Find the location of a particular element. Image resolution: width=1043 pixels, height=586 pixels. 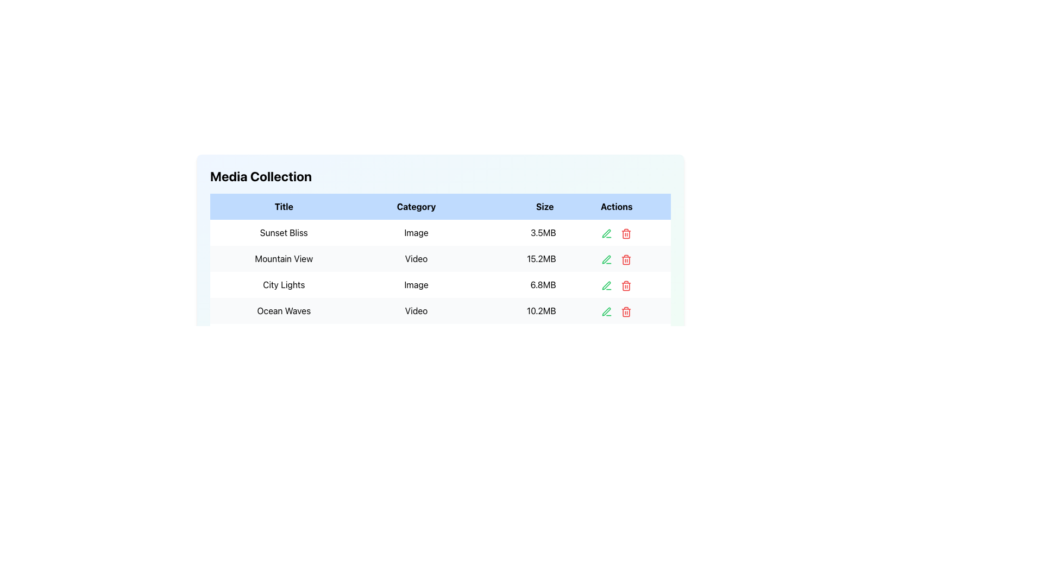

the blank spacer element located in the 'Actions' column of the first row, positioned between the green pencil icon and the red trashcan icon is located at coordinates (617, 232).